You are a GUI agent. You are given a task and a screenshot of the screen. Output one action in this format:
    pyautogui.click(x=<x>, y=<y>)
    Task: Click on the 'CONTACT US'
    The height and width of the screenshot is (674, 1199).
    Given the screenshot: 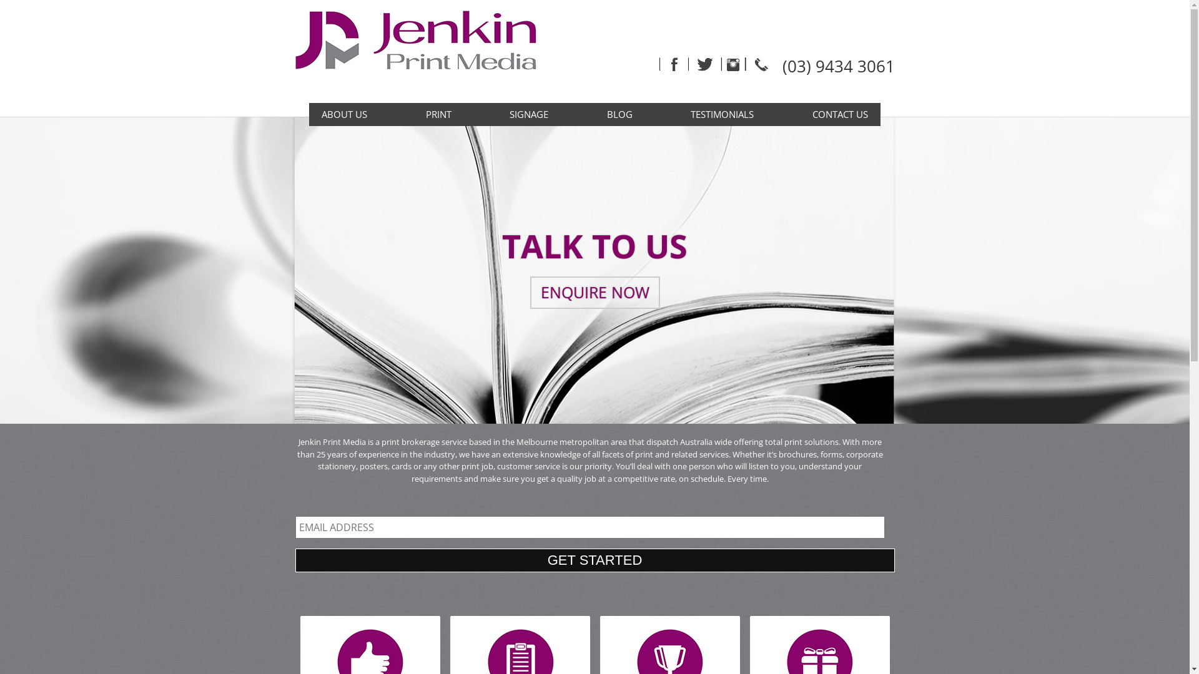 What is the action you would take?
    pyautogui.click(x=840, y=114)
    